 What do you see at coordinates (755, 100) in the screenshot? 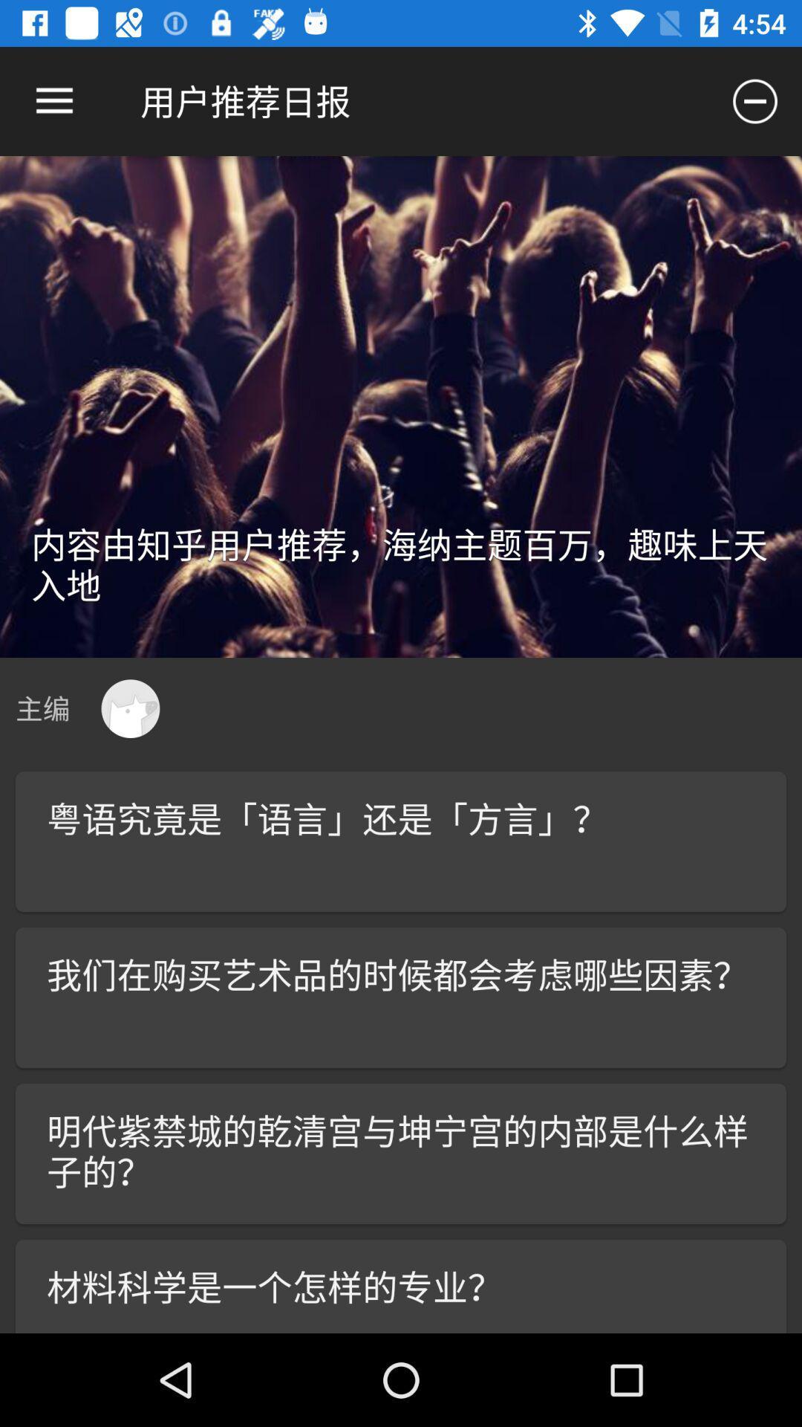
I see `icon at the top right corner` at bounding box center [755, 100].